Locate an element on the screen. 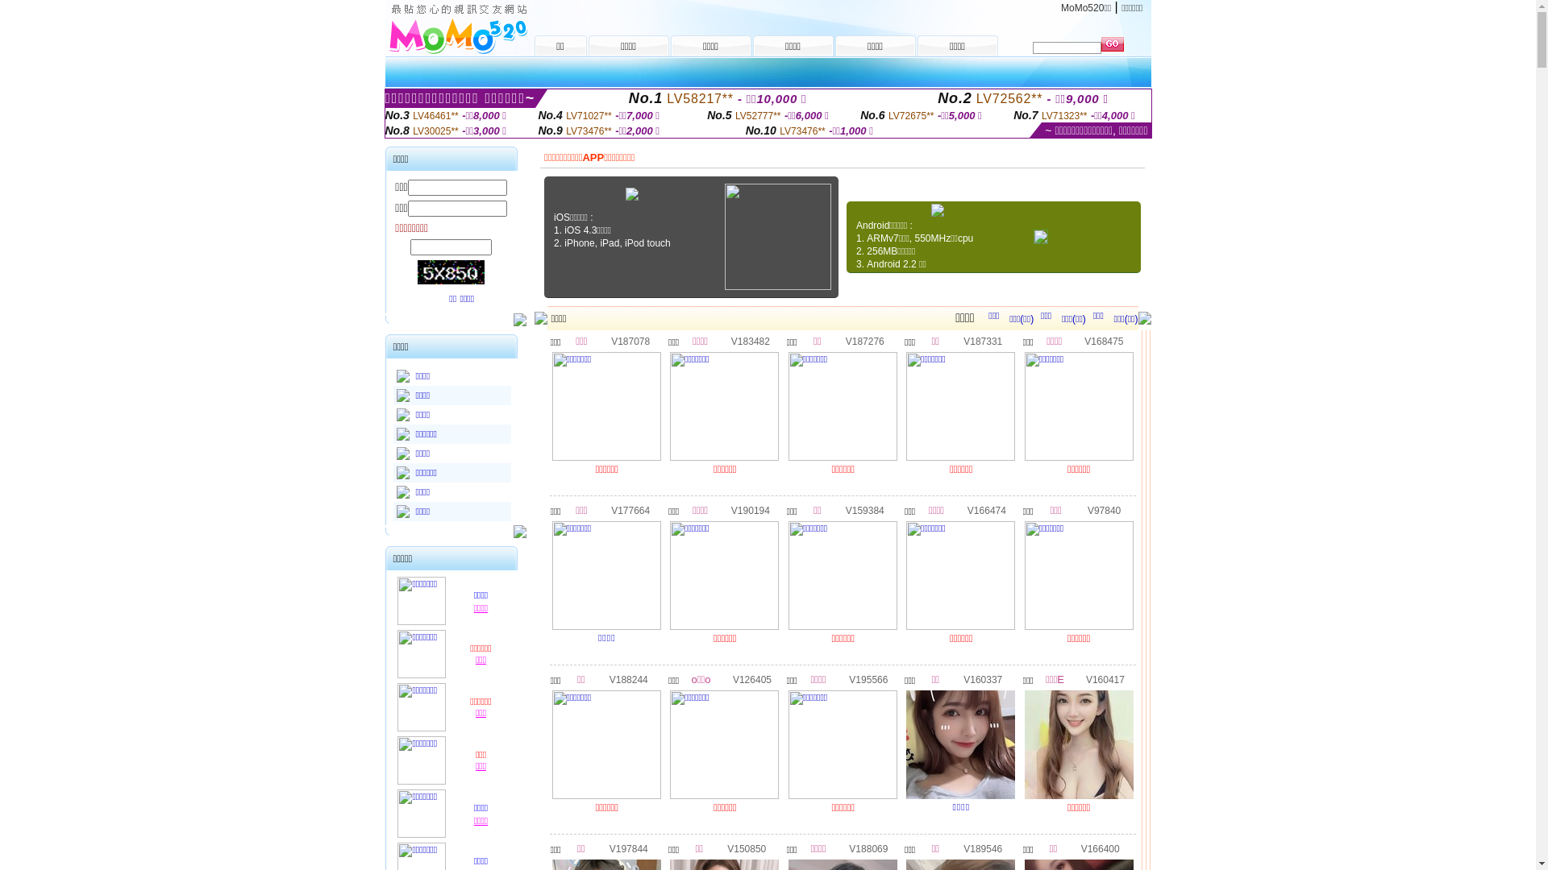 Image resolution: width=1548 pixels, height=870 pixels. 'V197844' is located at coordinates (627, 847).